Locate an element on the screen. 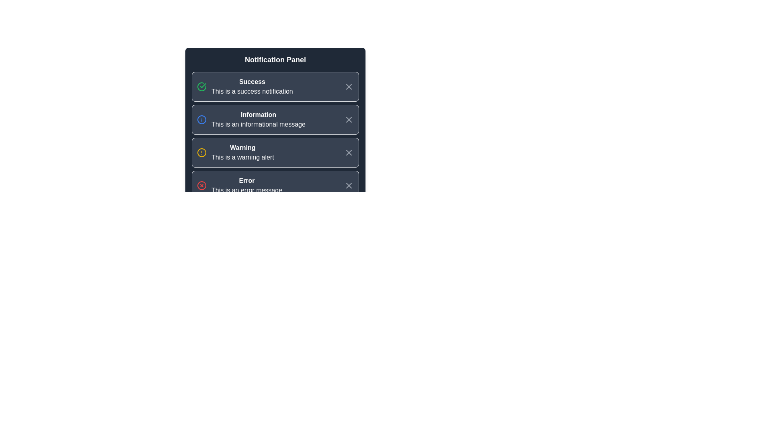 Image resolution: width=772 pixels, height=434 pixels. the 'Information' icon located in the notification panel, which represents the 'Information' category is located at coordinates (202, 119).